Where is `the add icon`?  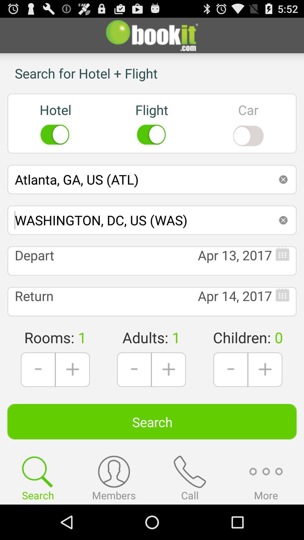
the add icon is located at coordinates (168, 395).